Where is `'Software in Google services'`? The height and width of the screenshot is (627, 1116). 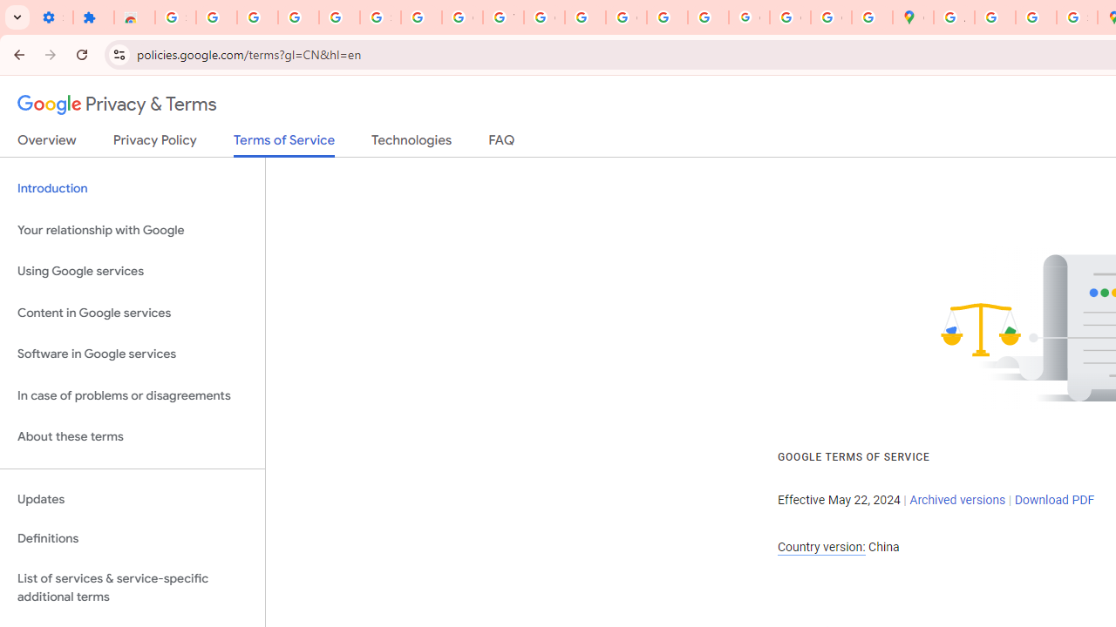
'Software in Google services' is located at coordinates (132, 354).